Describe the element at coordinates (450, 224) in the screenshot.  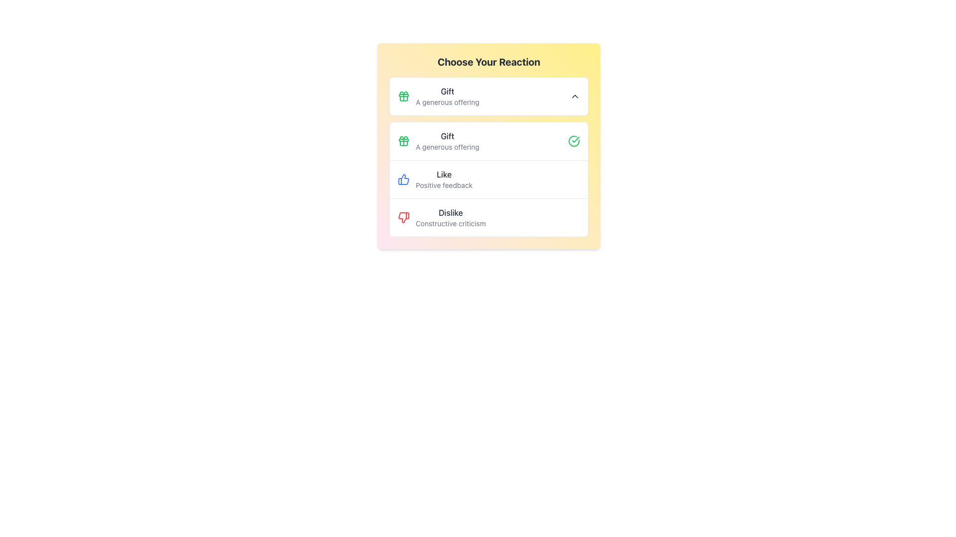
I see `the text label displaying 'Constructive criticism', which is located below the 'Dislike' text and icon in the 'Choose Your Reaction' interface` at that location.